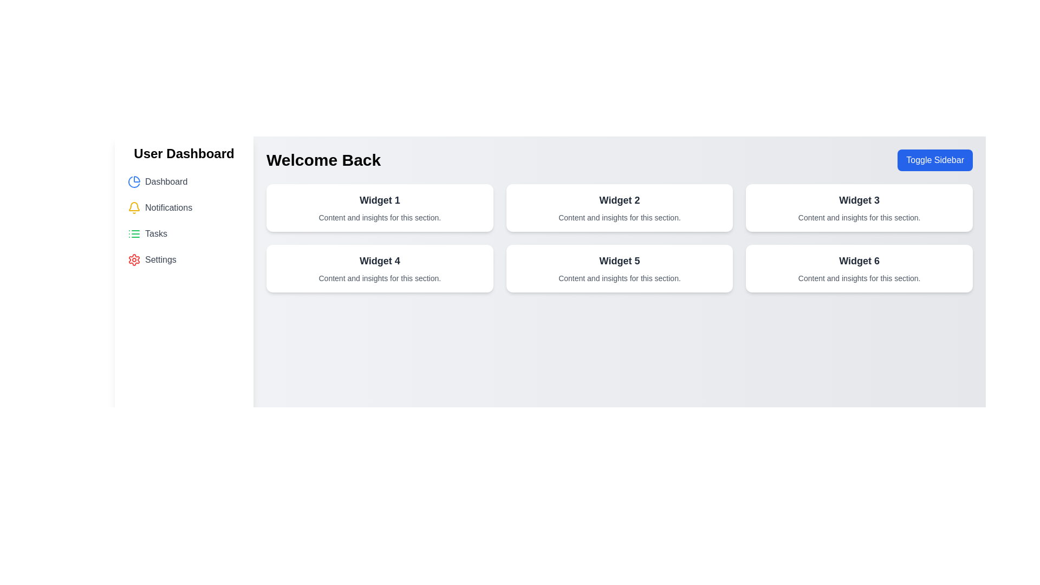 The width and height of the screenshot is (1040, 585). Describe the element at coordinates (184, 233) in the screenshot. I see `the 'Tasks' navigation link, which is the third item in a vertical menu` at that location.